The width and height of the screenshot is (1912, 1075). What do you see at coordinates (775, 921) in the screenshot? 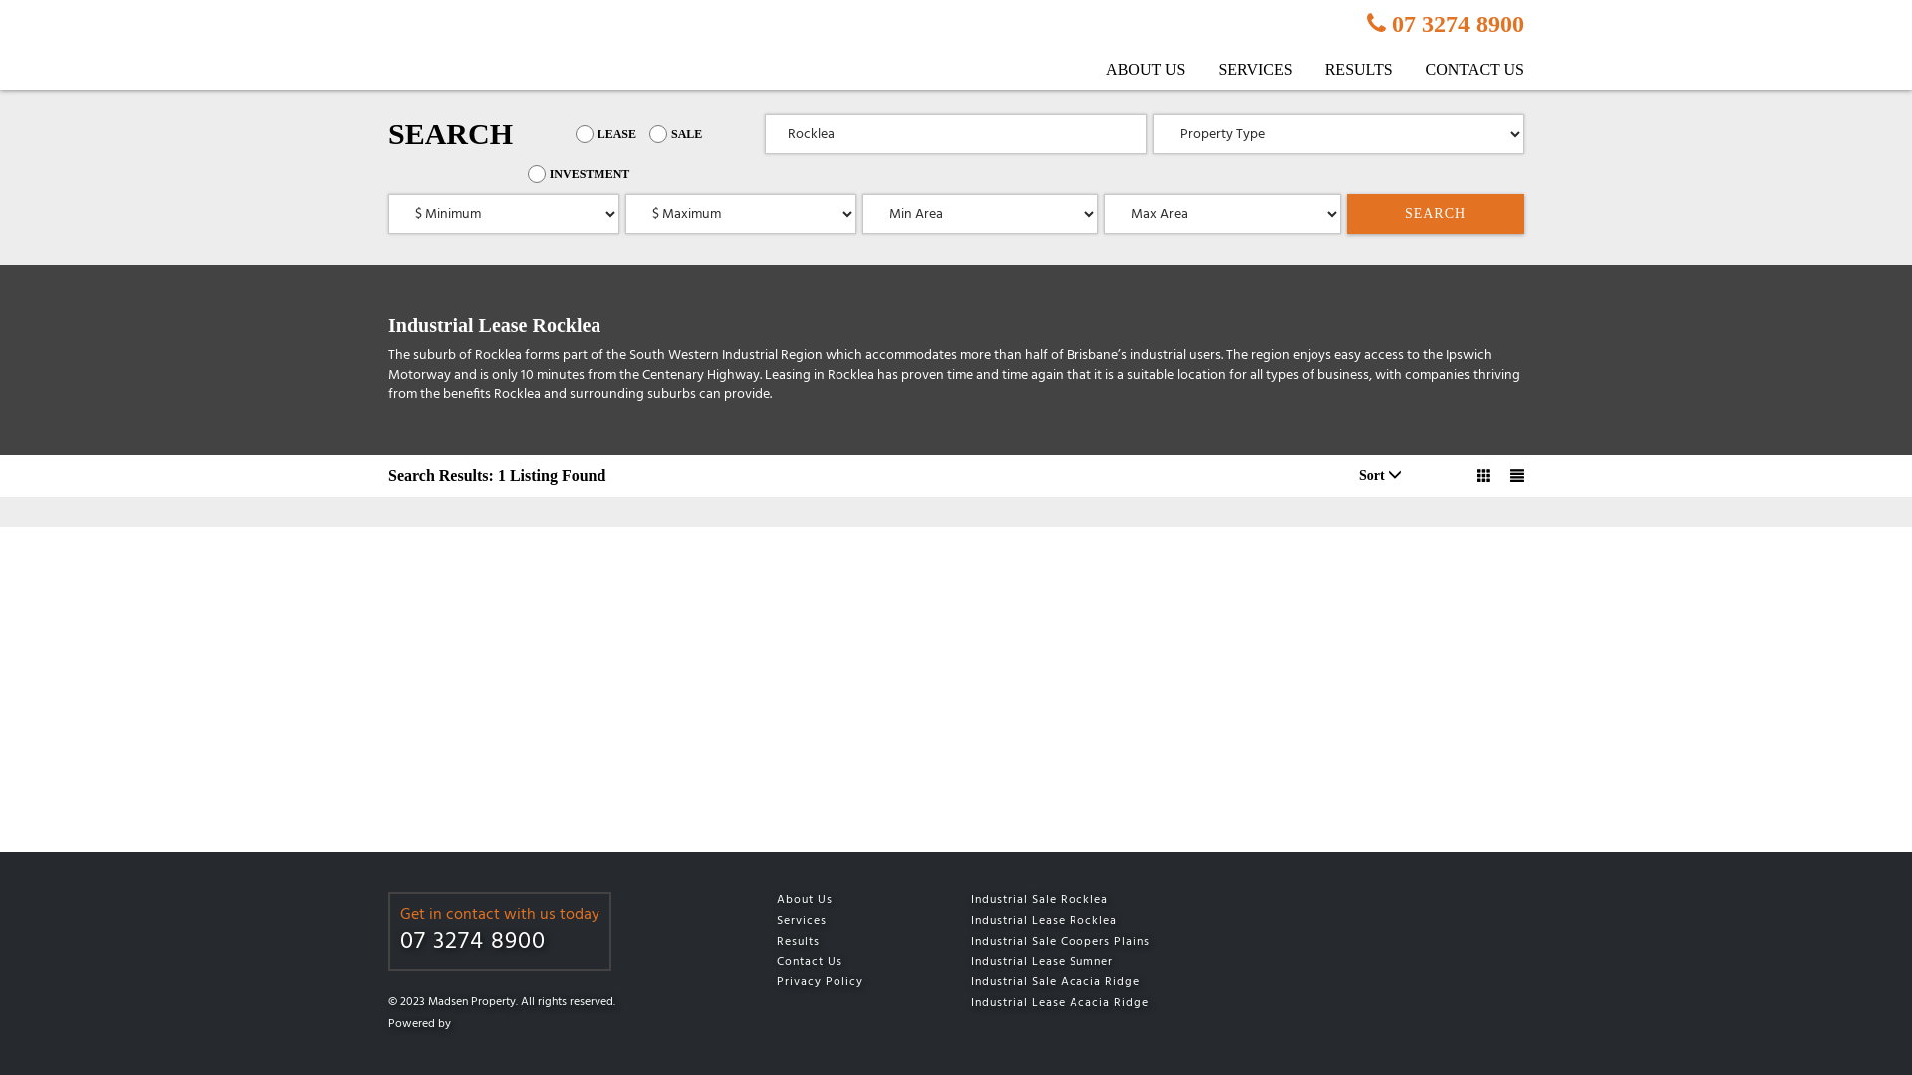
I see `'Services'` at bounding box center [775, 921].